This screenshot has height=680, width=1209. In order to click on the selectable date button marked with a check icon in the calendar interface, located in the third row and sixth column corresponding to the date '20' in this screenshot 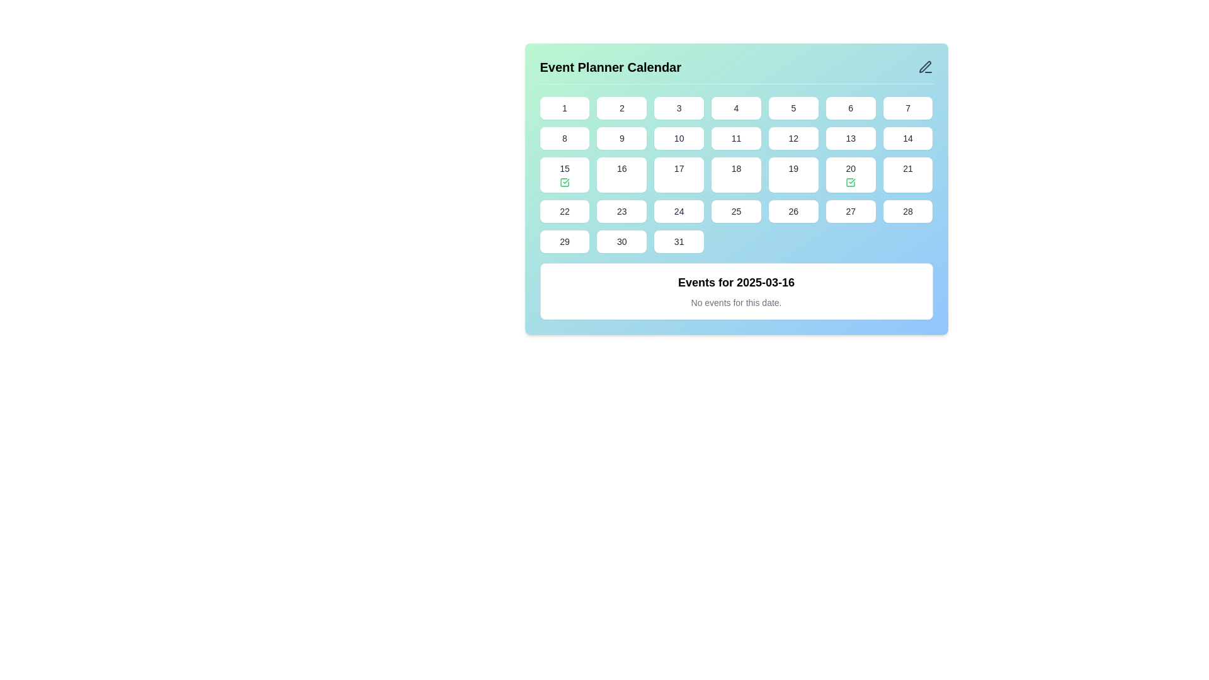, I will do `click(851, 174)`.